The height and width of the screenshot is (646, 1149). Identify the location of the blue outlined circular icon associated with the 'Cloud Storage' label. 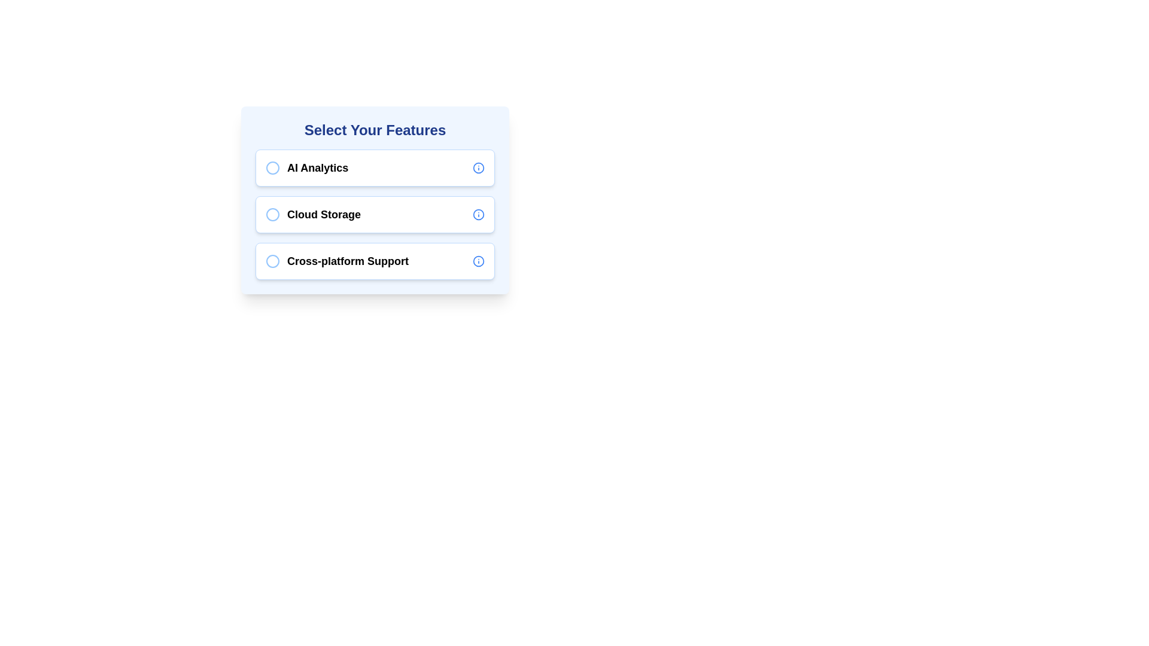
(272, 214).